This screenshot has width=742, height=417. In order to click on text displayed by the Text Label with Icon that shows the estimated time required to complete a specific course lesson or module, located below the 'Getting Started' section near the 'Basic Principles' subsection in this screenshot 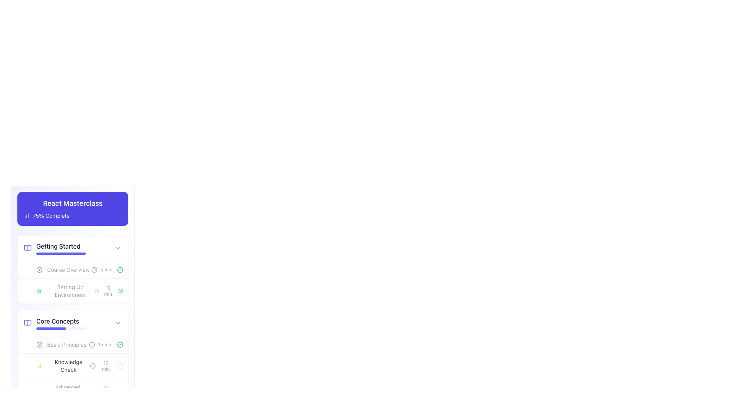, I will do `click(100, 344)`.